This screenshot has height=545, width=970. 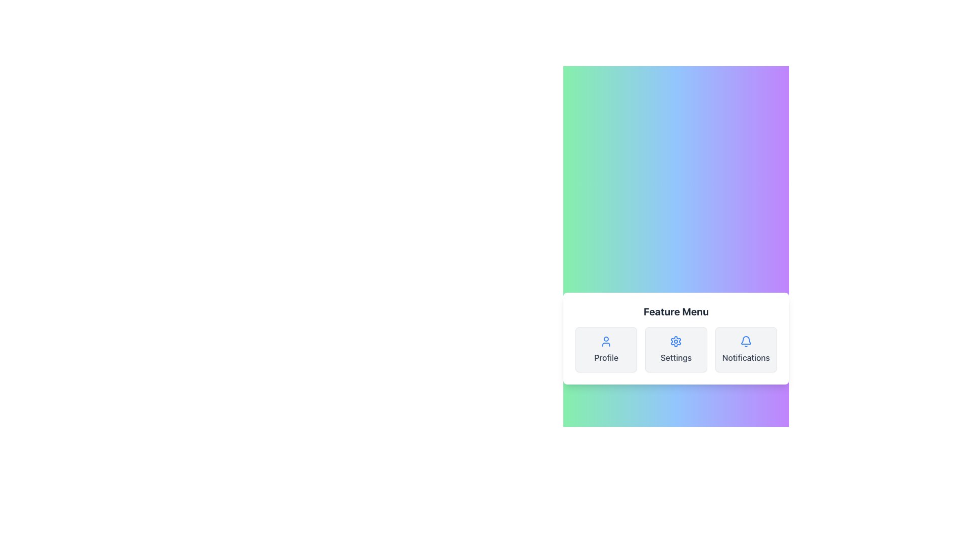 I want to click on the text label that describes the user profile functionality, located under the user profile icon, within a card that has rounded corners and a light gray background, so click(x=606, y=357).